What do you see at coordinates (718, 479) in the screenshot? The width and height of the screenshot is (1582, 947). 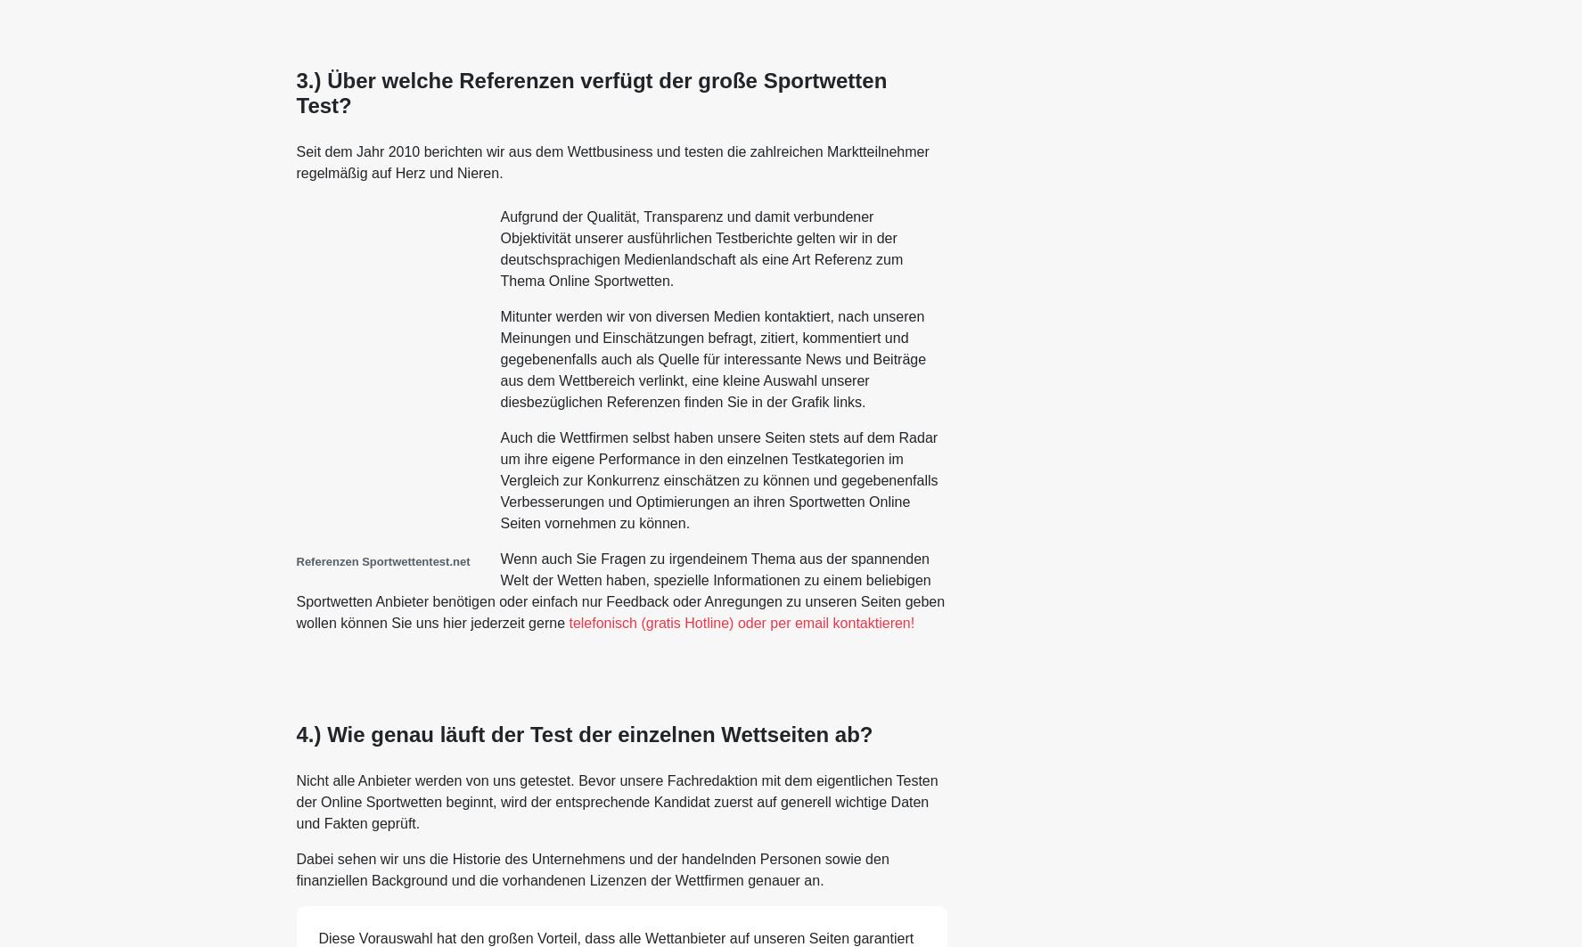 I see `'Auch die Wettfirmen selbst haben unsere Seiten stets auf dem Radar um ihre eigene Performance in den einzelnen Testkategorien im Vergleich zur Konkurrenz einschätzen zu können und gegebenenfalls Verbesserungen und Optimierungen an ihren Sportwetten Online Seiten vornehmen zu können.'` at bounding box center [718, 479].